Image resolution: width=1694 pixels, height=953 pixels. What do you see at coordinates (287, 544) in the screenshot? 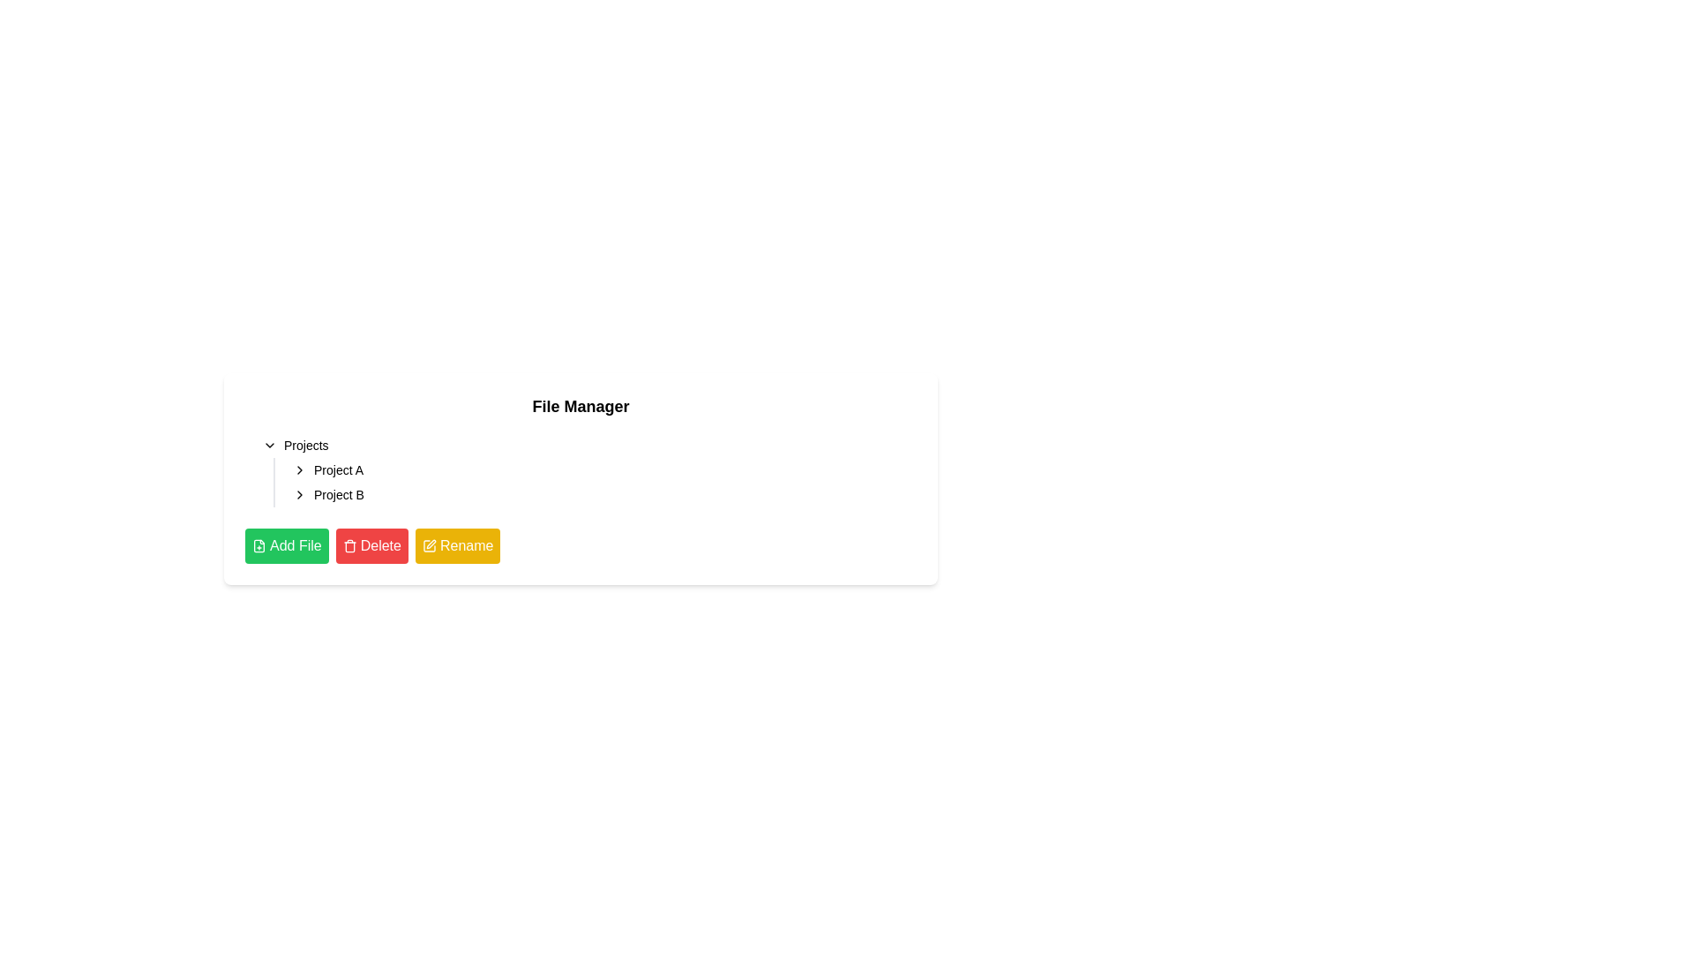
I see `the first button in the bottom-left corner of the panel` at bounding box center [287, 544].